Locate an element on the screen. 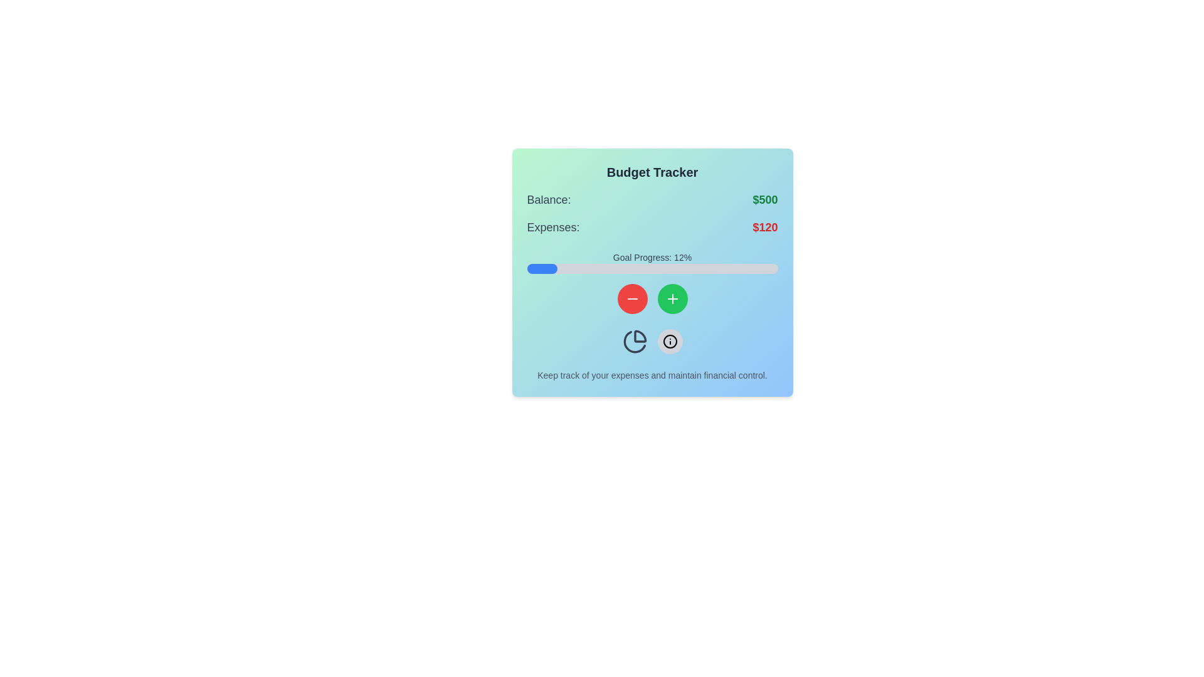 The image size is (1204, 677). the circular red button with a white minus symbol is located at coordinates (632, 299).